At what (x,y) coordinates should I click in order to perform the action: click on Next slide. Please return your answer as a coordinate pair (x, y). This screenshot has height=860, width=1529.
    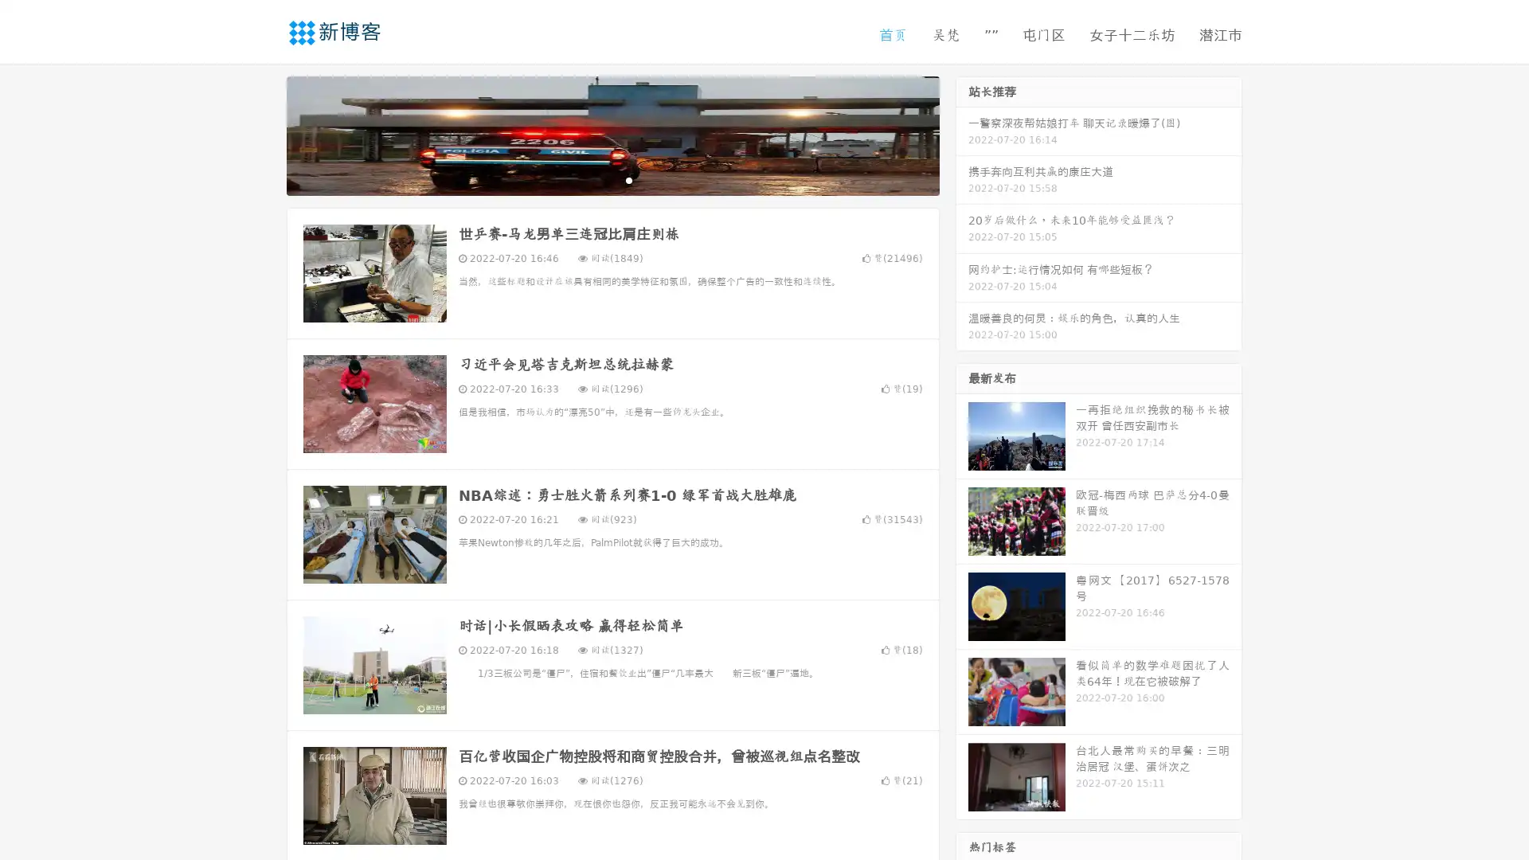
    Looking at the image, I should click on (962, 134).